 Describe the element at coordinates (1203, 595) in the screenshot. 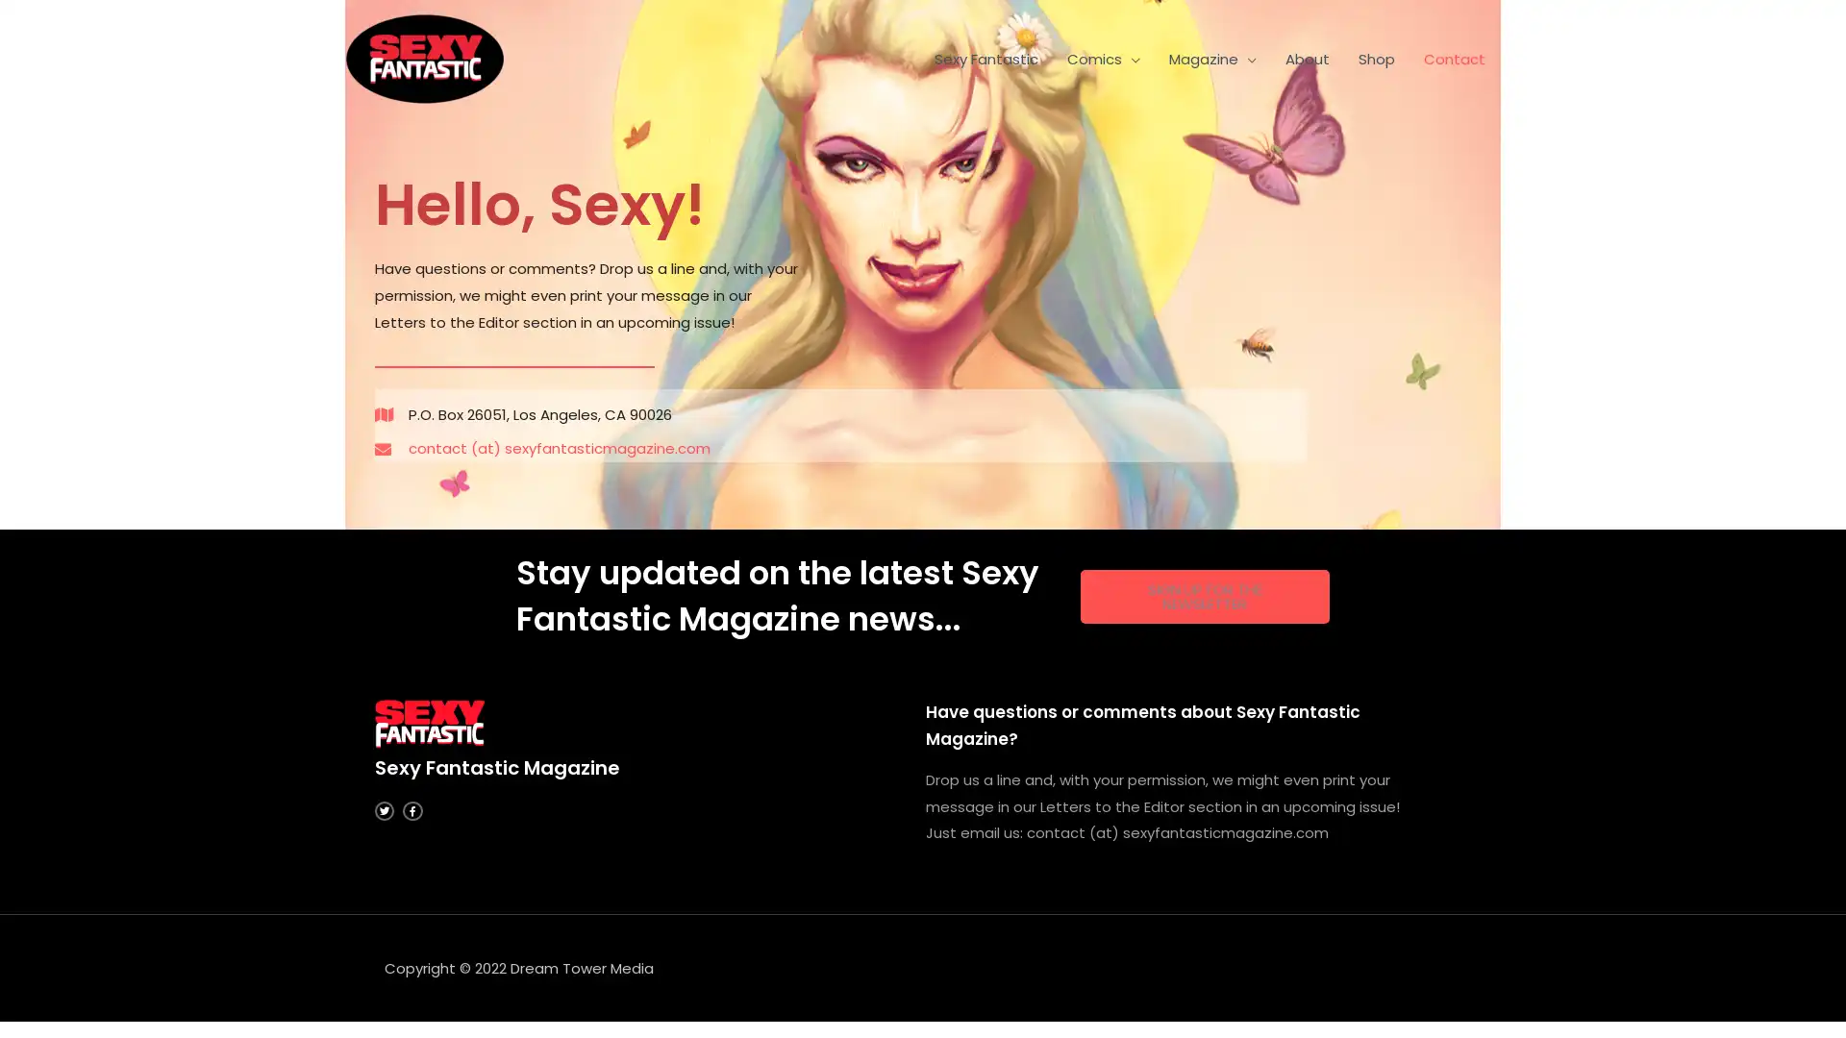

I see `SIGN UP FOR THE NEWSLETTER` at that location.